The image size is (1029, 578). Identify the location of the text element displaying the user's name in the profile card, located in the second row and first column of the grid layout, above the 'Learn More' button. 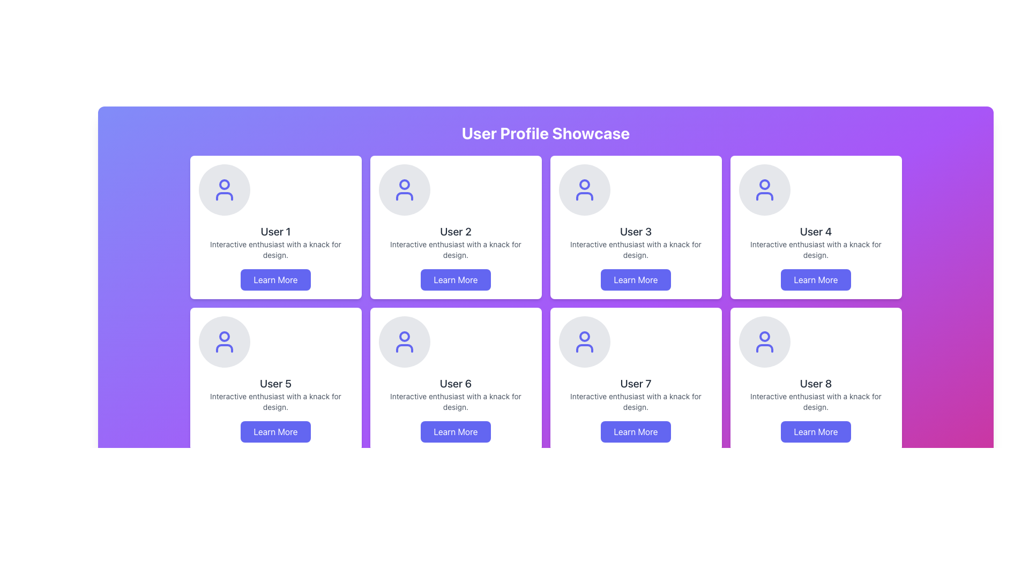
(275, 383).